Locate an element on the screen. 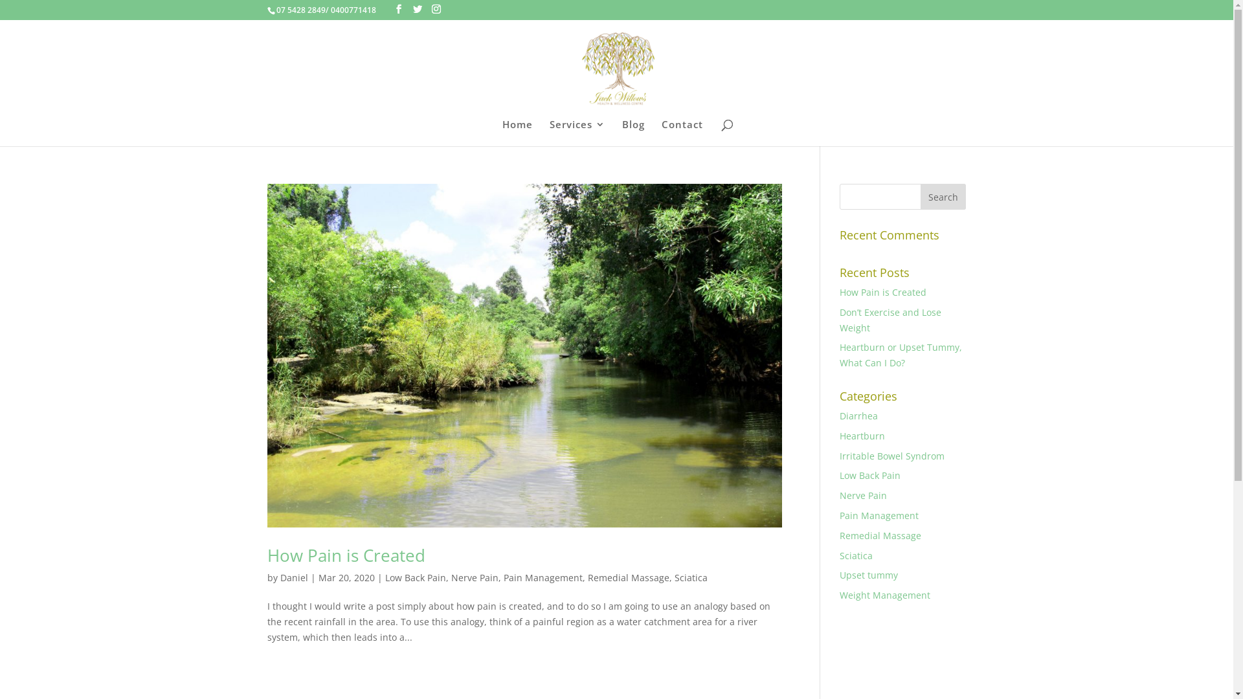 The height and width of the screenshot is (699, 1243). 'Nerve Pain' is located at coordinates (863, 495).